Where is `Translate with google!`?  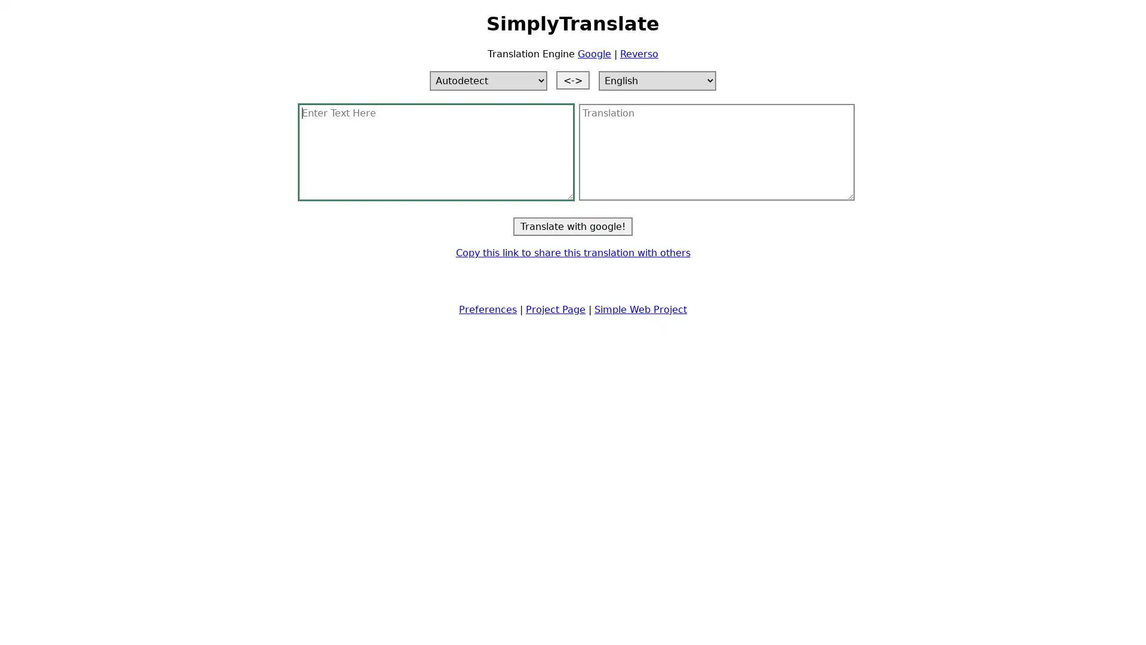
Translate with google! is located at coordinates (573, 226).